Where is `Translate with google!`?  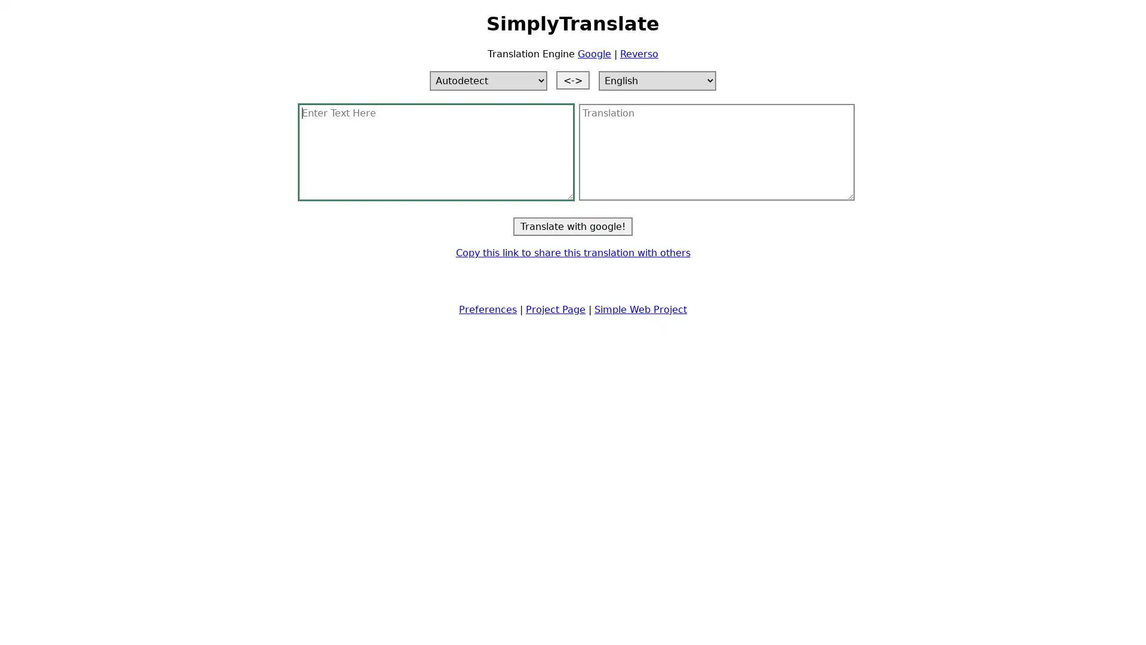
Translate with google! is located at coordinates (573, 226).